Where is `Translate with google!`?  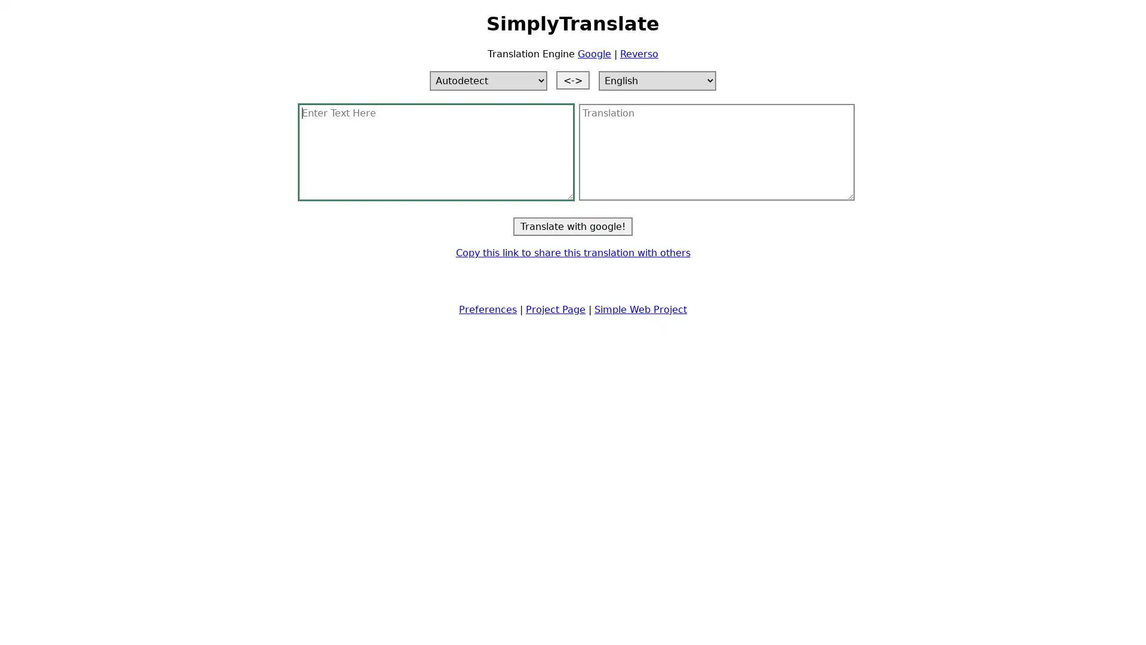
Translate with google! is located at coordinates (573, 226).